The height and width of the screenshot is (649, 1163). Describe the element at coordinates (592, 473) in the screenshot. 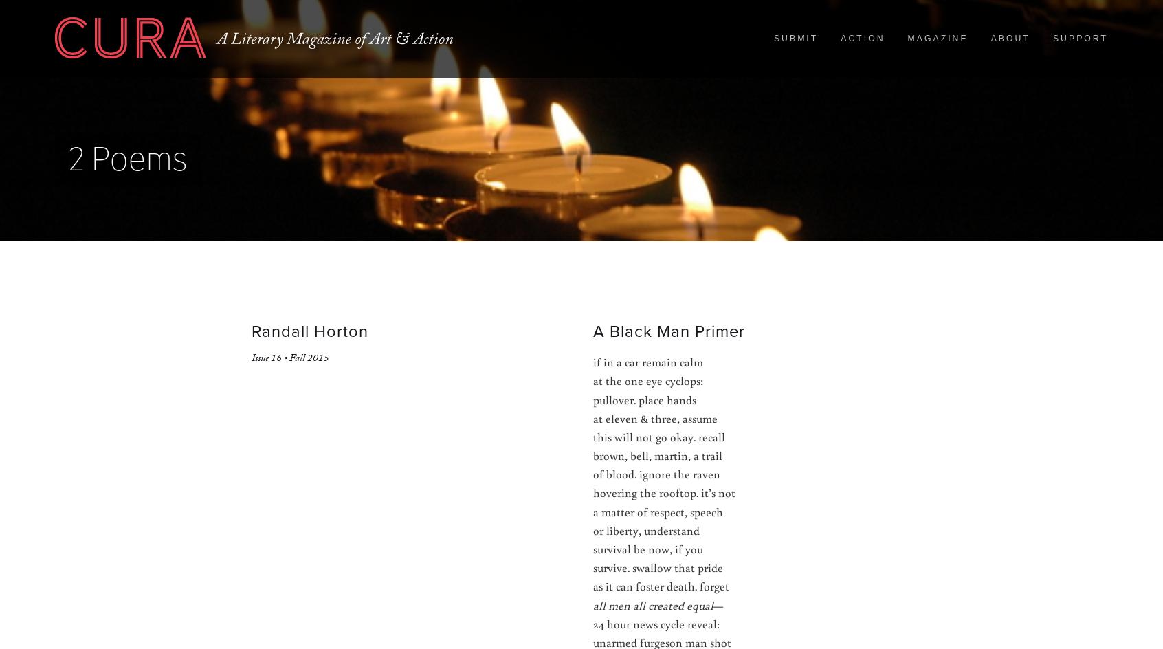

I see `'of blood. ignore the raven'` at that location.